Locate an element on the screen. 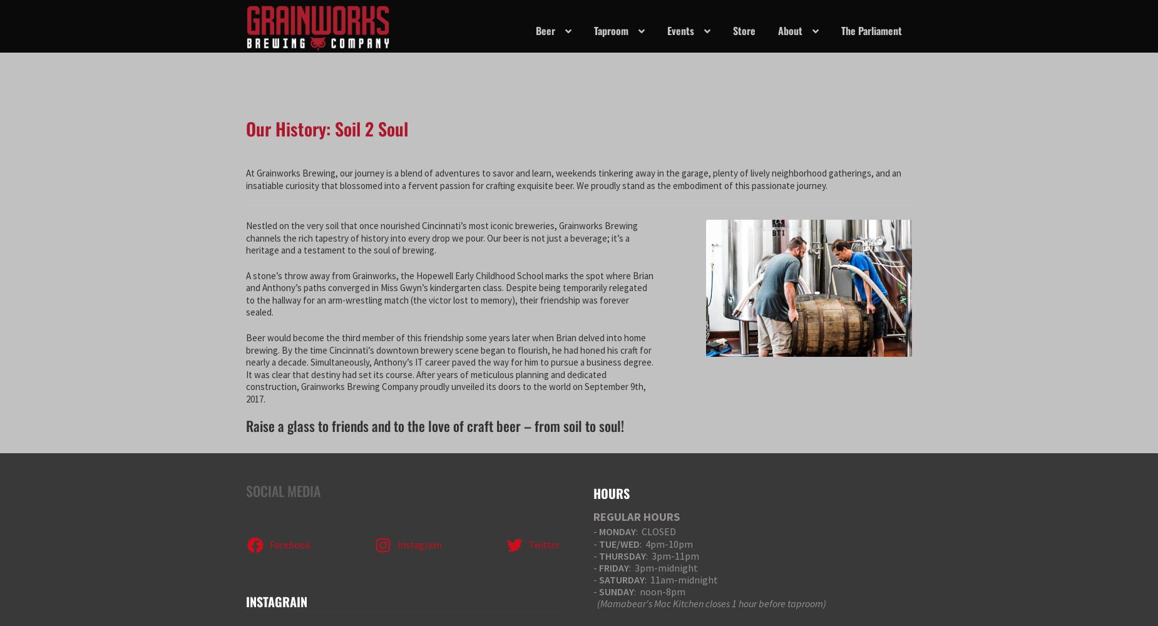  'Store' is located at coordinates (743, 31).